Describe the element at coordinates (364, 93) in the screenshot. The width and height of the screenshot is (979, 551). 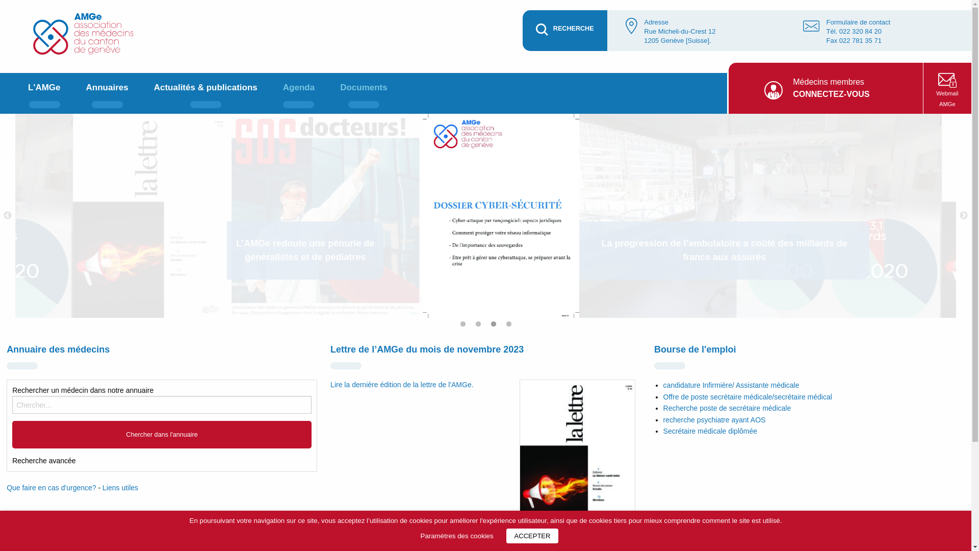
I see `'Documents'` at that location.